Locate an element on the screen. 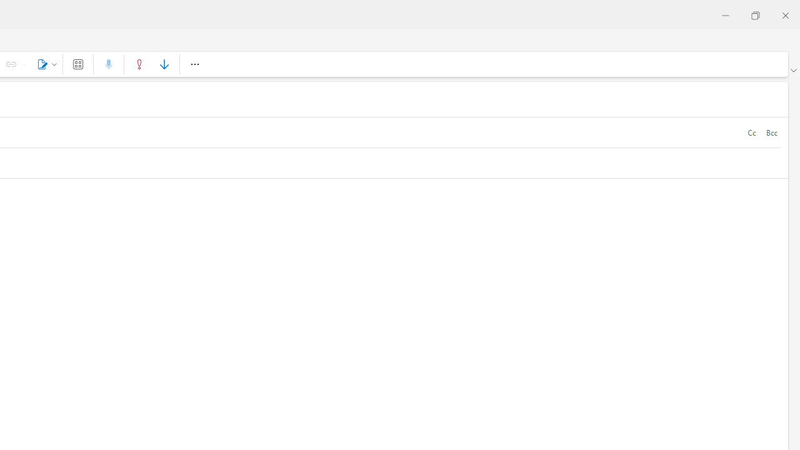 This screenshot has height=450, width=800. 'Bcc' is located at coordinates (771, 132).